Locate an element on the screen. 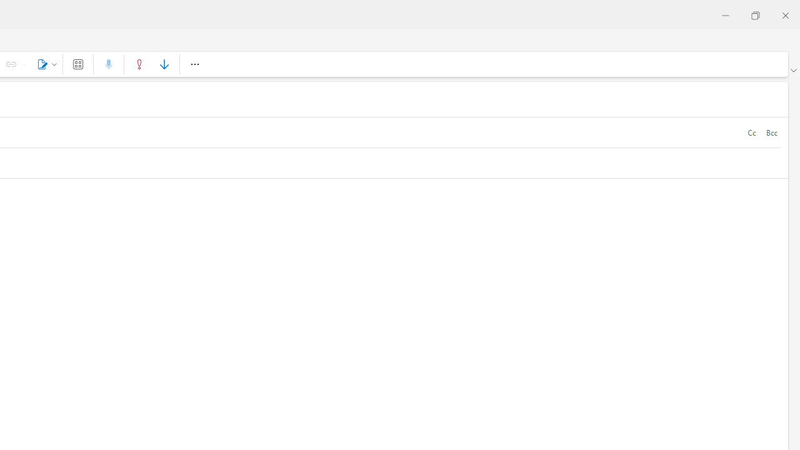 This screenshot has height=450, width=800. 'Bcc' is located at coordinates (771, 132).